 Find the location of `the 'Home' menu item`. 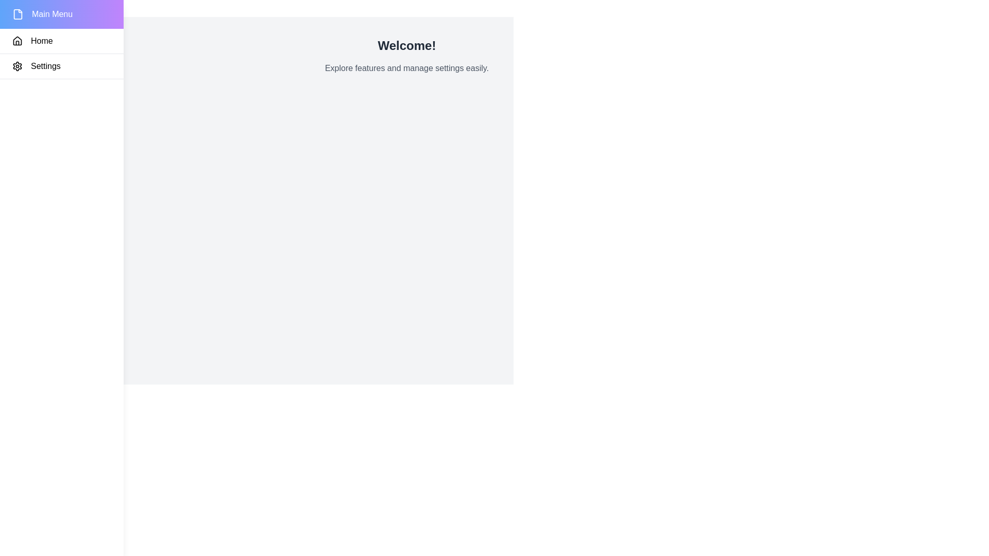

the 'Home' menu item is located at coordinates (61, 41).